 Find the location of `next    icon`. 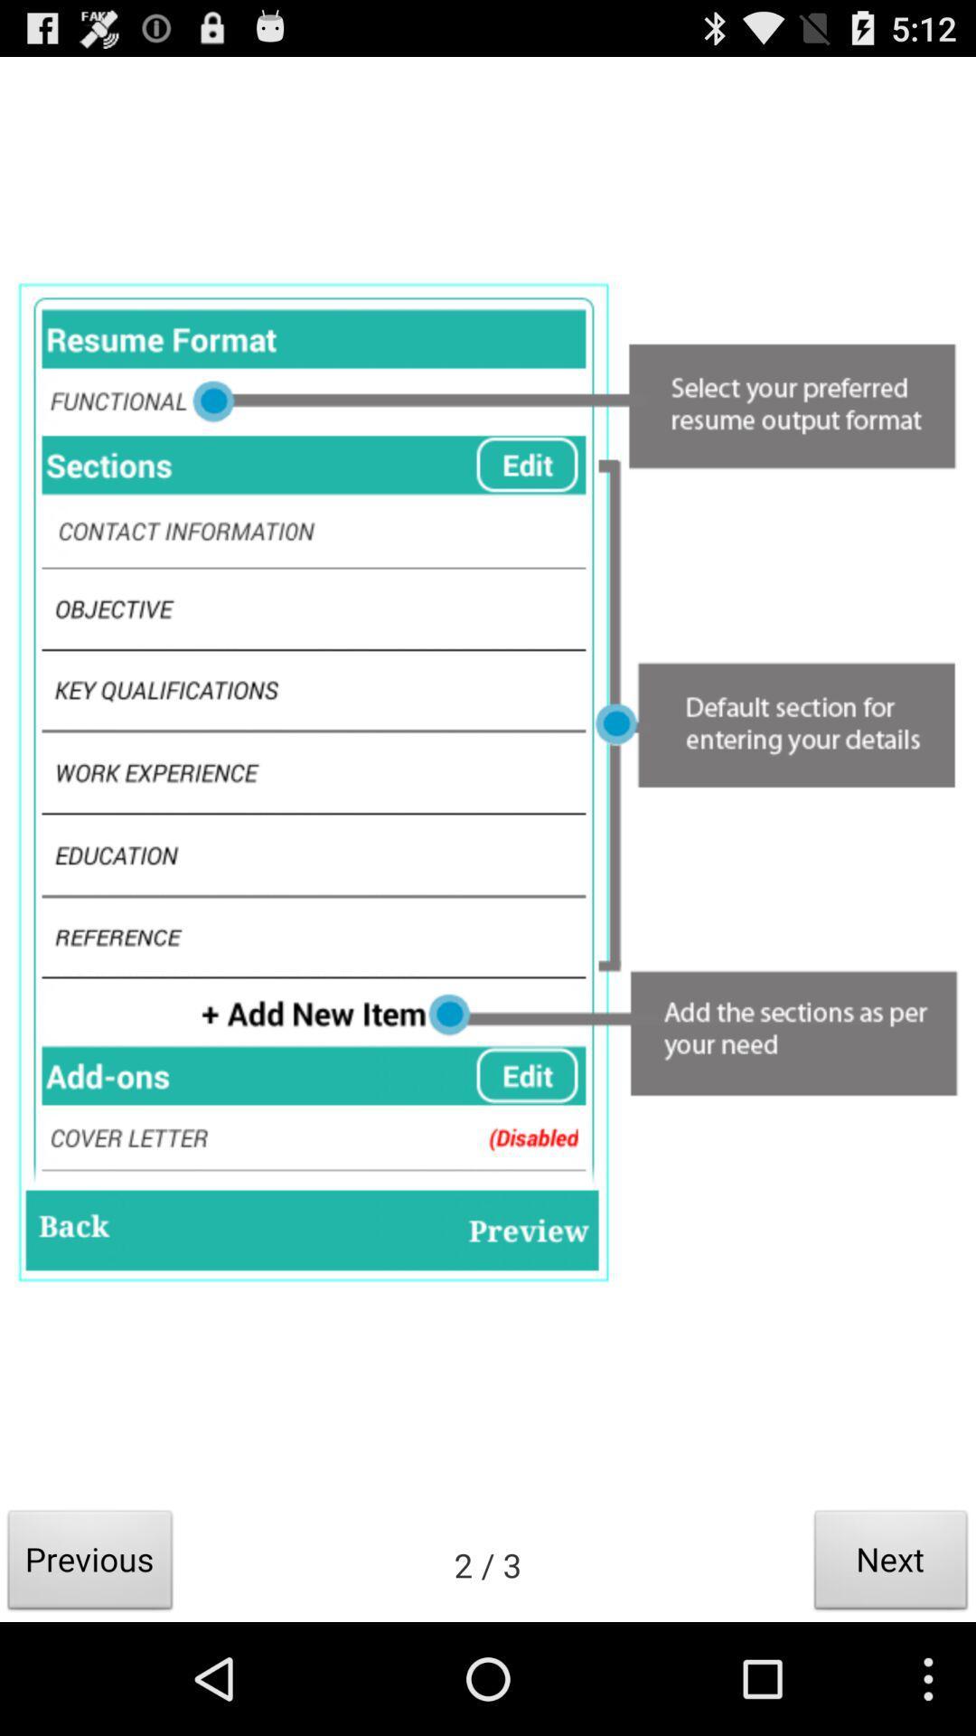

next    icon is located at coordinates (890, 1564).